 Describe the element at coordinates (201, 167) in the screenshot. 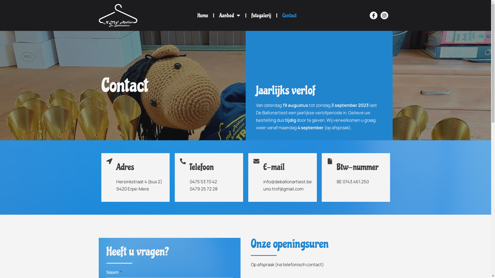

I see `'Telefoon'` at that location.